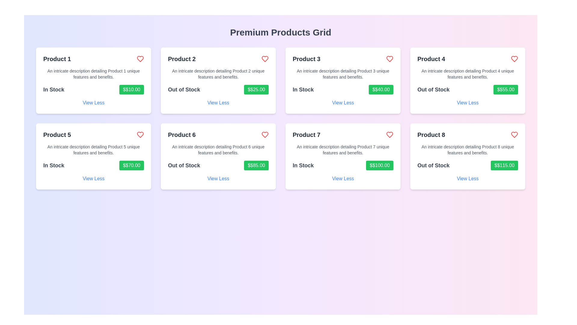  I want to click on the heart-shaped clickable icon button located at the upper right corner of the 'Product 2' card, so click(265, 59).